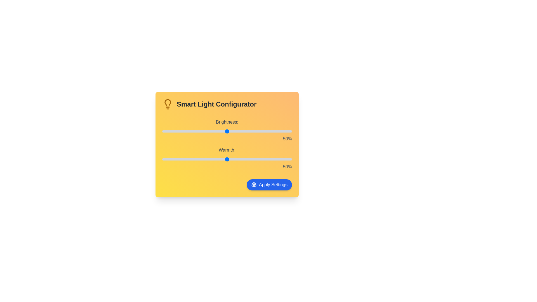 The height and width of the screenshot is (302, 537). What do you see at coordinates (253, 185) in the screenshot?
I see `the settings icon located inside the 'Apply Settings' button at the bottom-right corner of the interface for additional options` at bounding box center [253, 185].